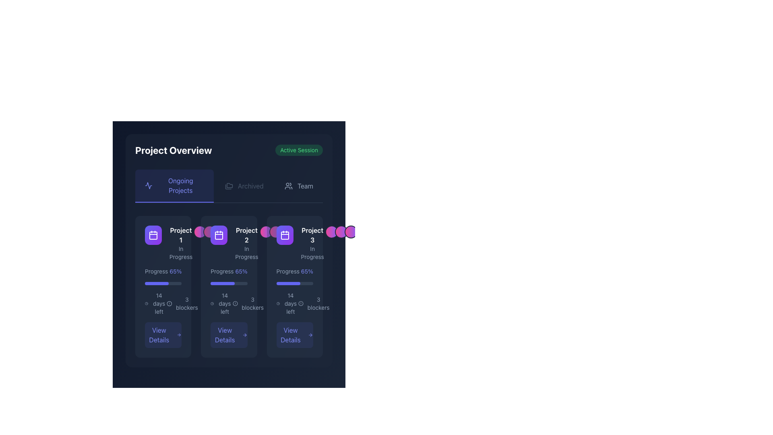 This screenshot has height=435, width=773. Describe the element at coordinates (180, 243) in the screenshot. I see `the text label that displays the project name 'Project 1' and its status 'In Progress', located in the first column of the project cards section` at that location.